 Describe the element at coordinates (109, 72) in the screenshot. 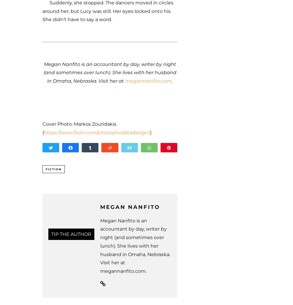

I see `'Megan Nanfito is an accountant by day, writer by night (and sometimes over lunch). She lives with her husband in Omaha, Nebraska. Visit her at'` at that location.